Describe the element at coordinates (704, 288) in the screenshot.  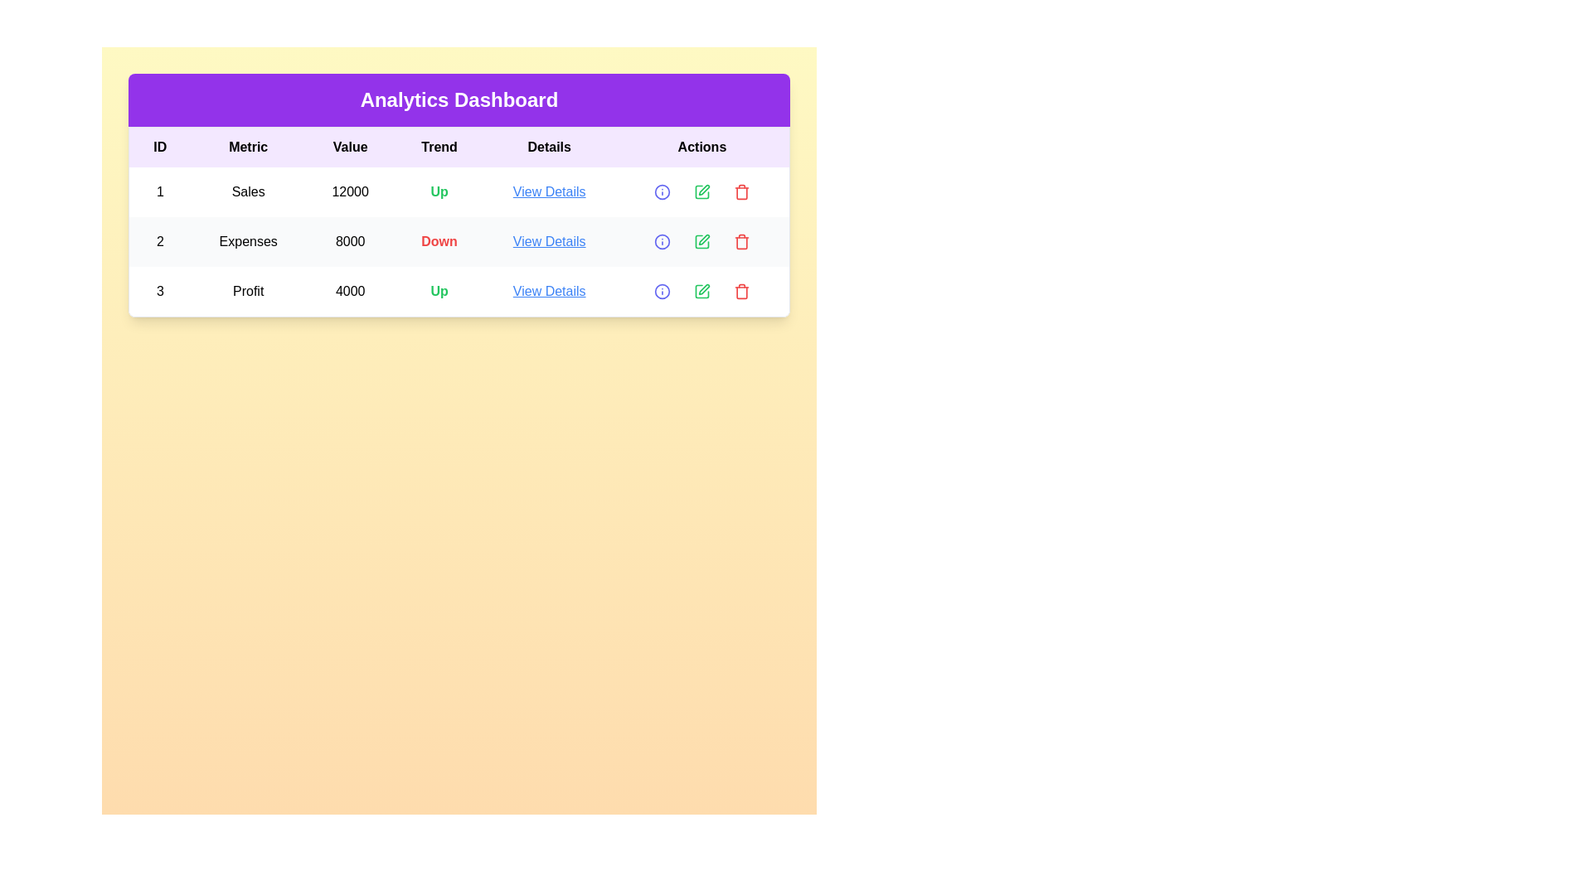
I see `the 'Edit' icon in the 'Actions' column of the table, located in the third row corresponding to the 'Profit' entry, to initiate editing` at that location.